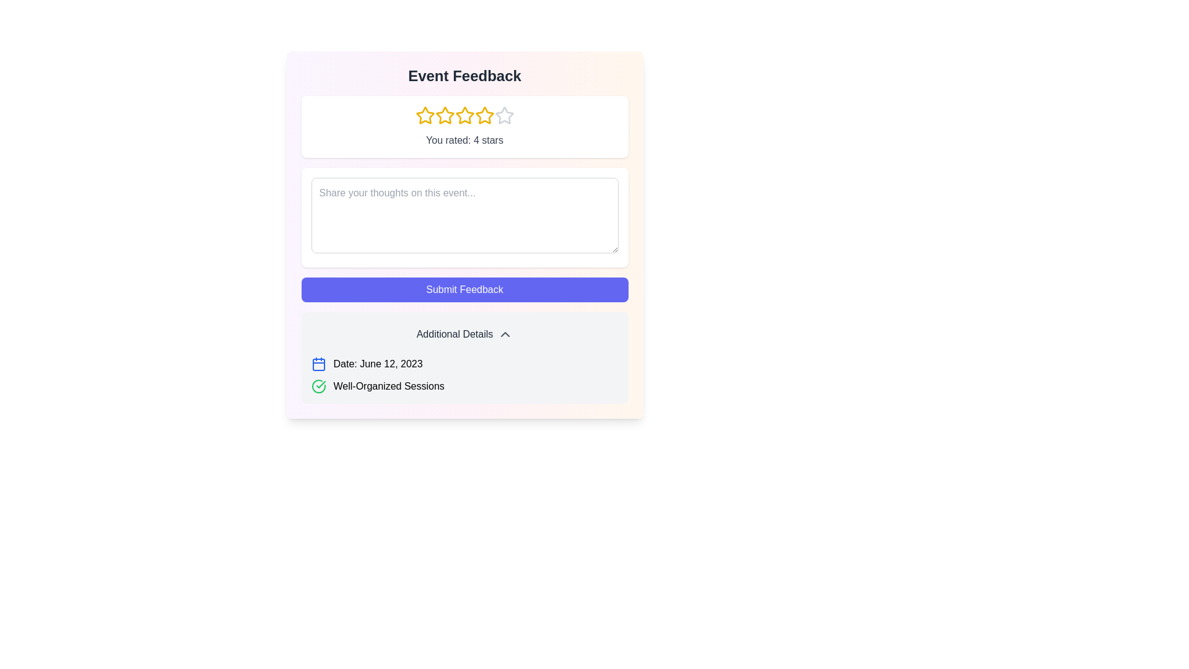  Describe the element at coordinates (318, 386) in the screenshot. I see `the green check icon that indicates 'Well-Organized Sessions' to interact with the associated features` at that location.